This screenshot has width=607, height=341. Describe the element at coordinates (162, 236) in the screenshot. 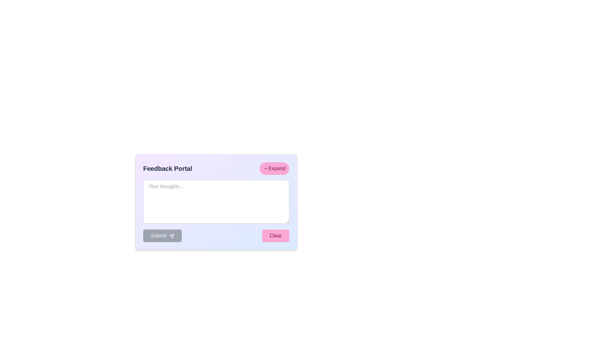

I see `the submit button located in the bottom-left corner of the feedback form layout to observe any hover effect` at that location.